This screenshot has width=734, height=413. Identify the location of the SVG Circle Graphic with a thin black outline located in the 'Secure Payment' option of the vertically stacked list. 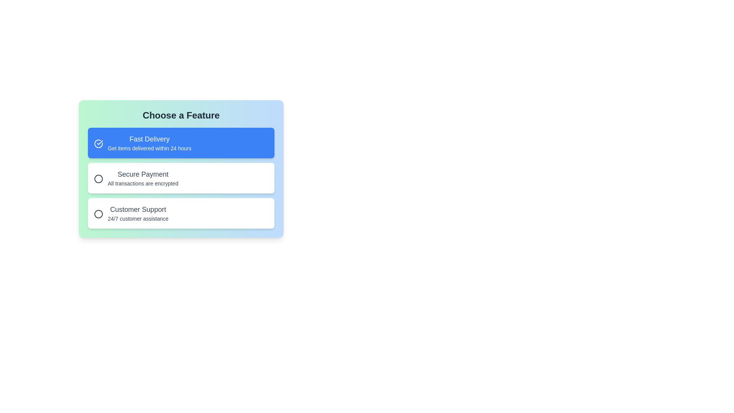
(98, 179).